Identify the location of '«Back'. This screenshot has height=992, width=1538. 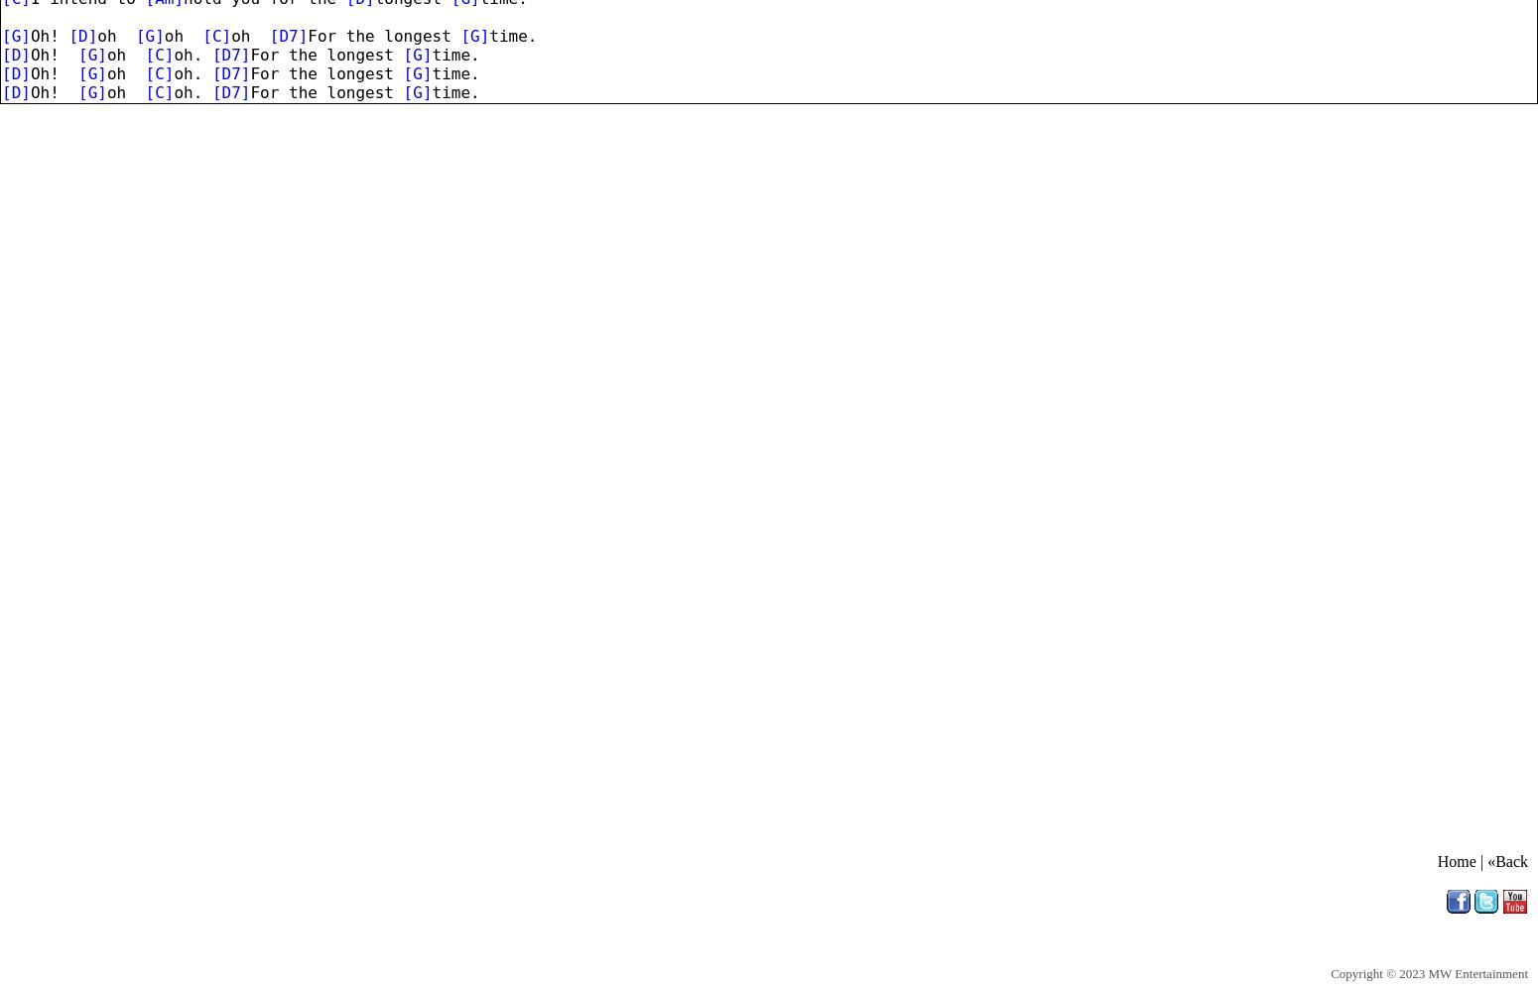
(1507, 860).